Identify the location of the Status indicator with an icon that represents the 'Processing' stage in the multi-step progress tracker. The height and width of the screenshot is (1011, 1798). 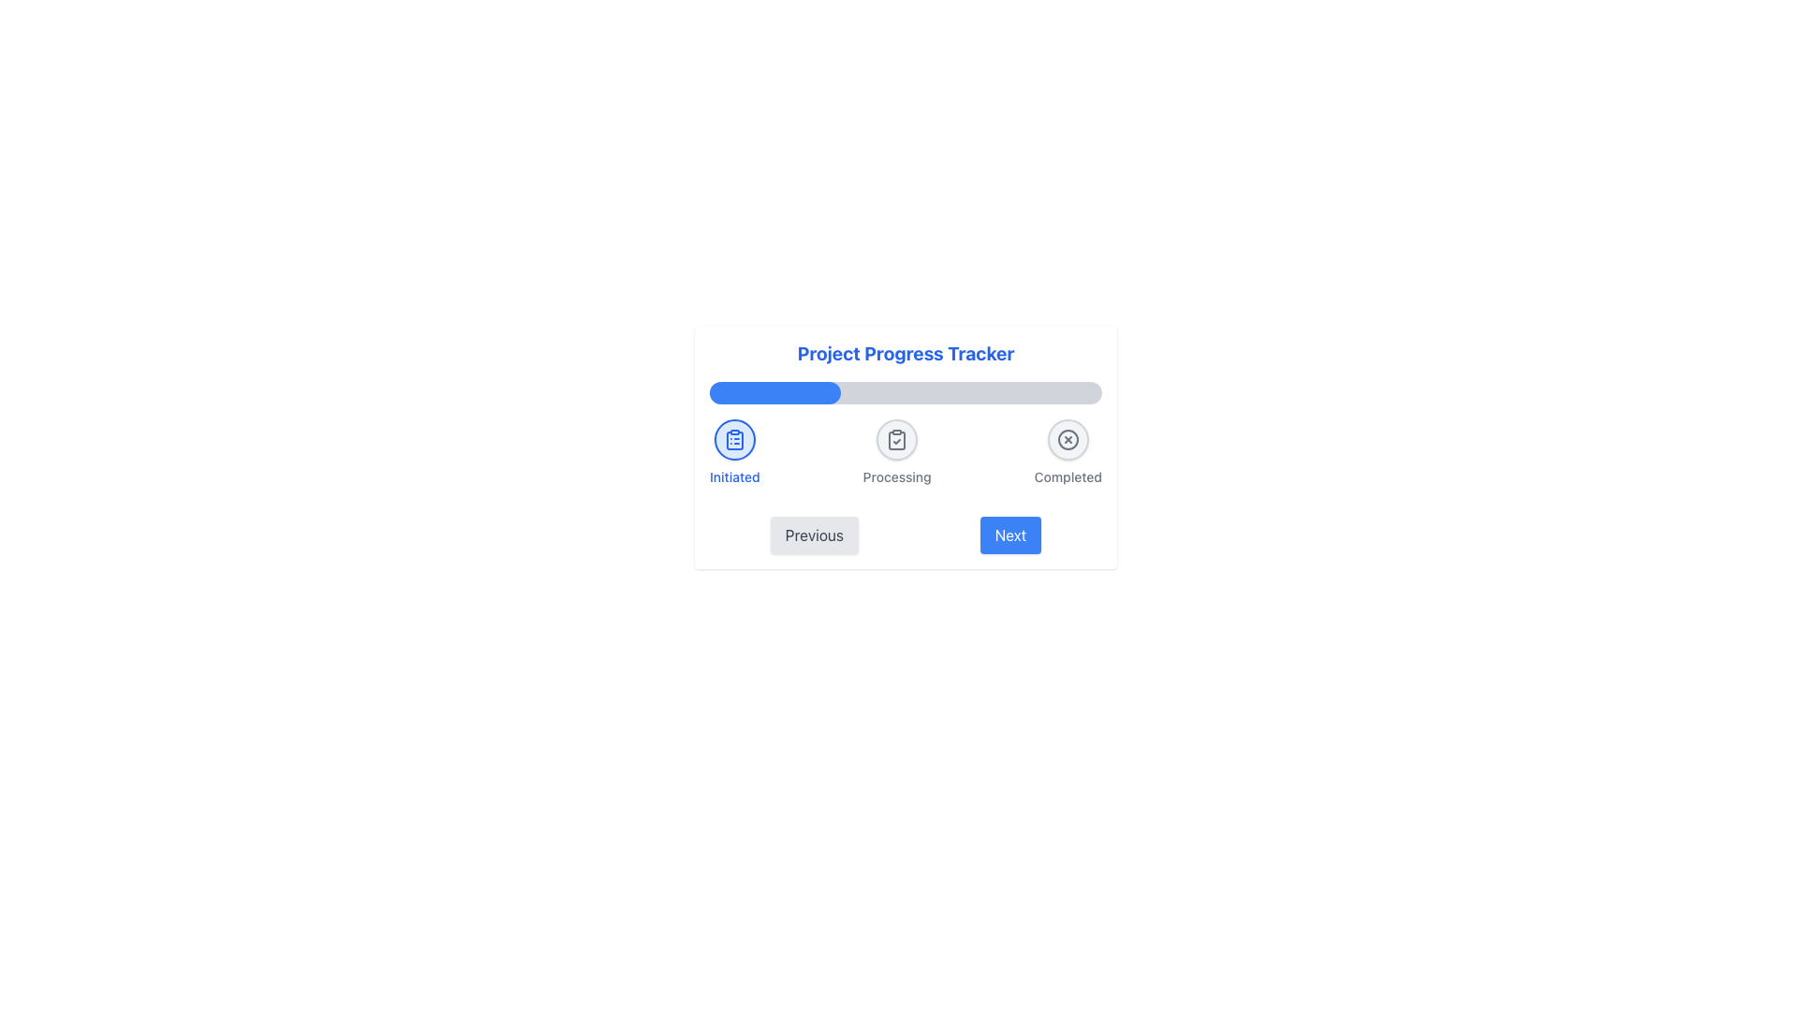
(896, 440).